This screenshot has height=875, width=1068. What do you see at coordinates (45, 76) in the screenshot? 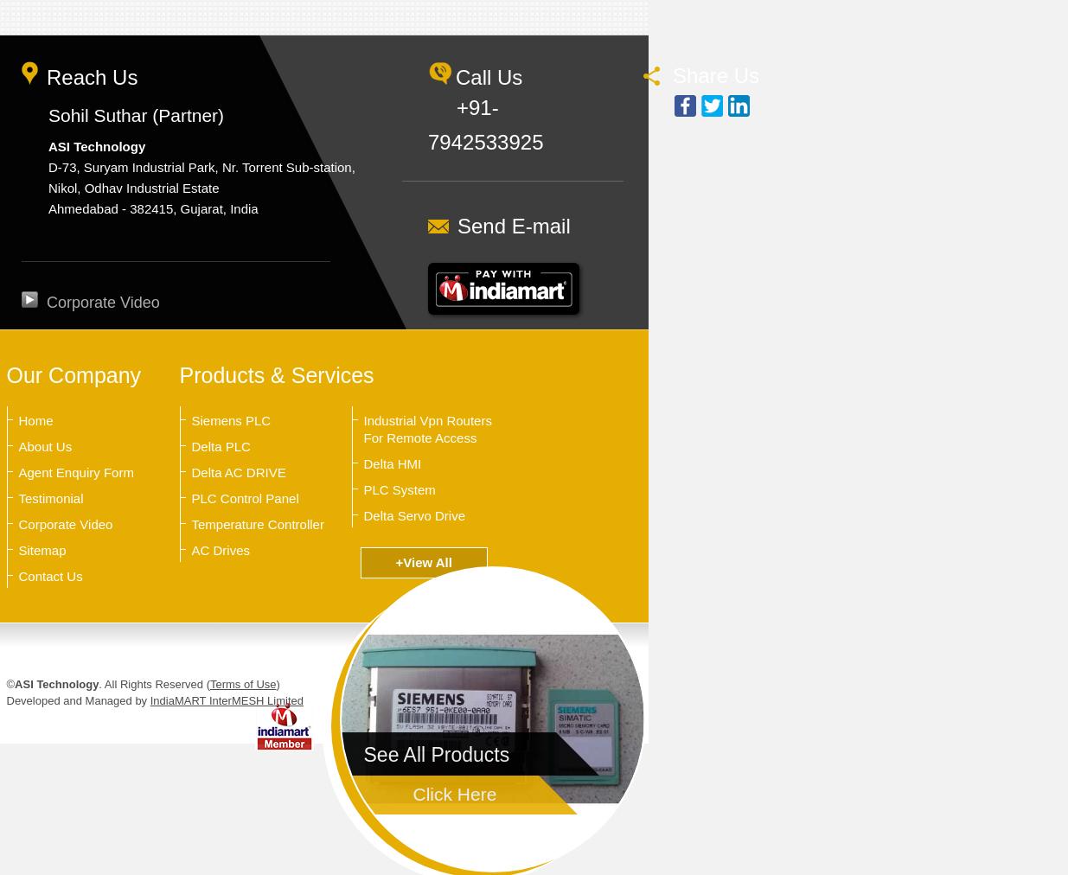
I see `'Reach Us'` at bounding box center [45, 76].